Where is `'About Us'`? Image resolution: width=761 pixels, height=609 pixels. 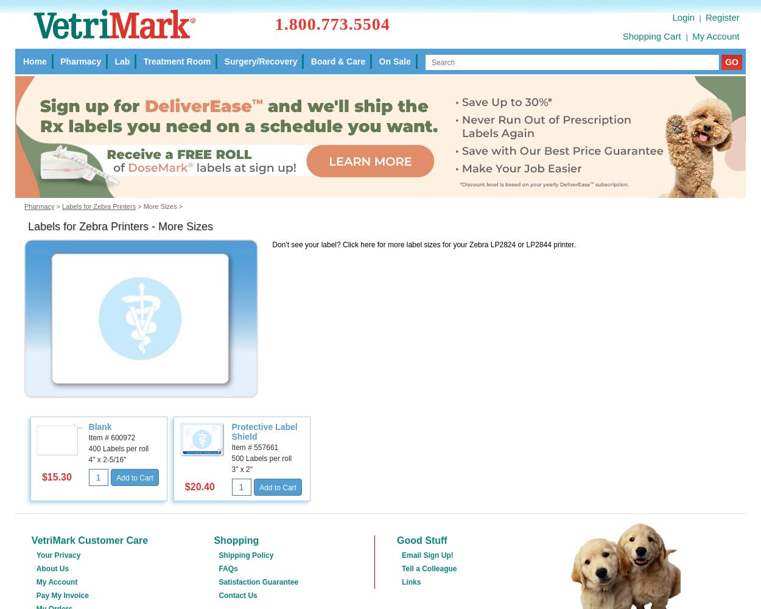
'About Us' is located at coordinates (52, 569).